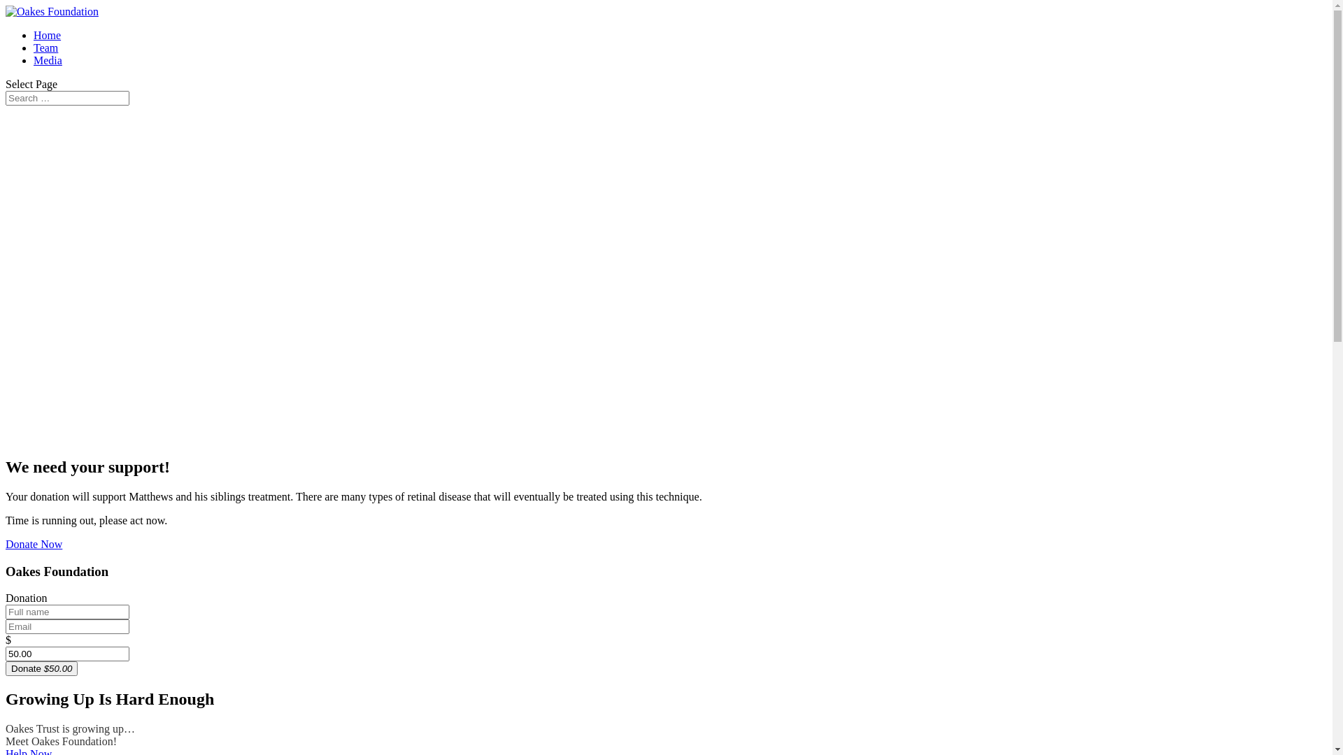 This screenshot has width=1343, height=755. Describe the element at coordinates (45, 47) in the screenshot. I see `'Team'` at that location.